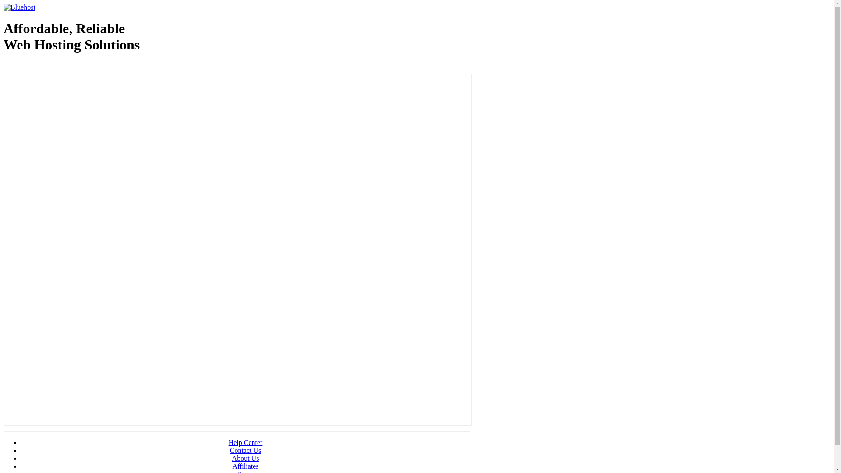 The width and height of the screenshot is (841, 473). I want to click on 'Contact Us', so click(230, 450).